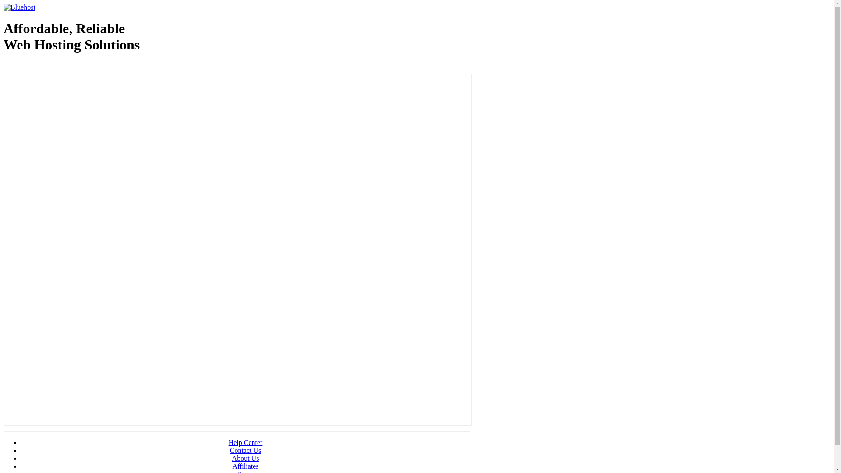 The width and height of the screenshot is (841, 473). I want to click on 'Contact Us', so click(230, 450).